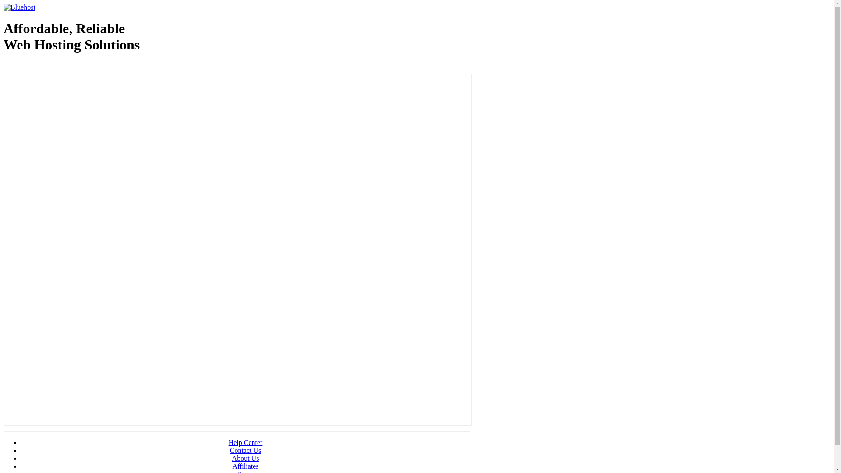 The width and height of the screenshot is (841, 473). I want to click on 'Contact Us', so click(230, 450).